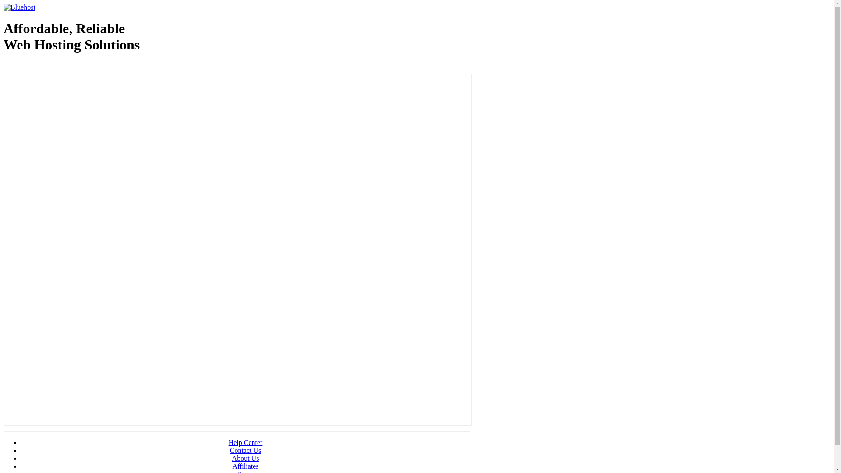 The width and height of the screenshot is (841, 473). I want to click on 'Contact Us', so click(230, 450).